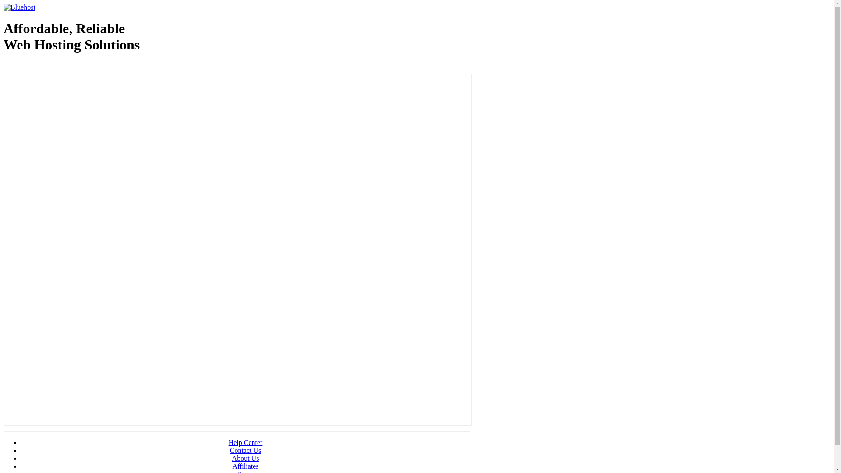 The width and height of the screenshot is (841, 473). I want to click on 'Contact Us', so click(230, 450).